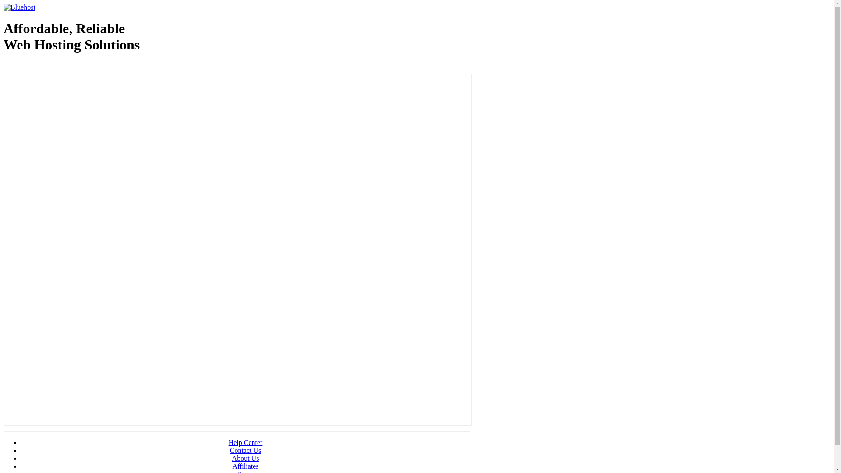 The width and height of the screenshot is (841, 473). I want to click on 'Contact Us', so click(230, 450).